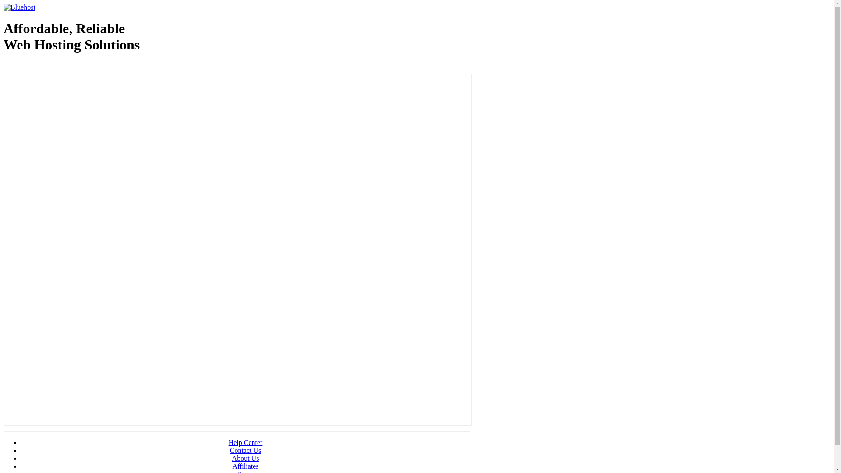 The width and height of the screenshot is (841, 473). I want to click on 'Contact Us', so click(230, 450).